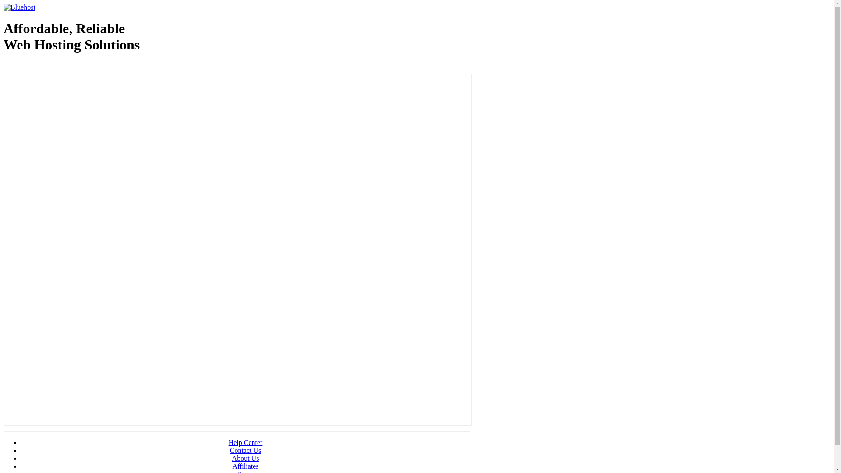 The width and height of the screenshot is (841, 473). I want to click on 'Contact Us', so click(230, 450).